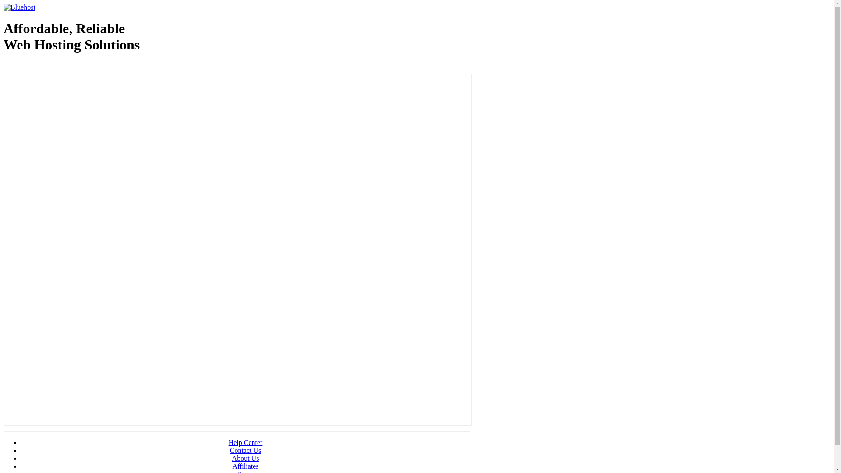 The width and height of the screenshot is (841, 473). I want to click on 'Contact Us', so click(230, 450).